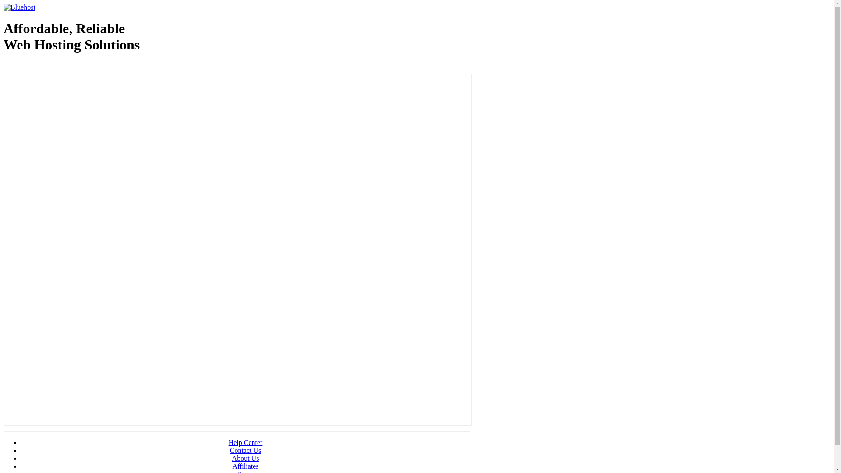 The width and height of the screenshot is (841, 473). I want to click on 'Contact Us', so click(230, 450).